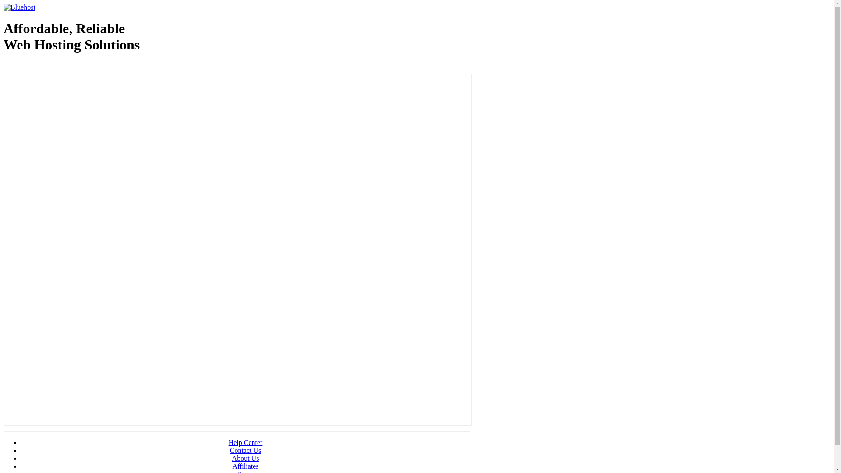 The width and height of the screenshot is (841, 473). I want to click on 'Contact Us', so click(230, 450).